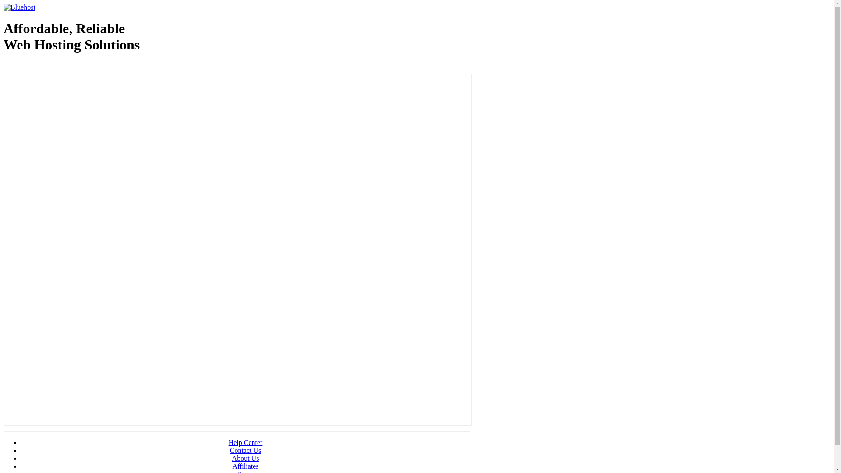 The width and height of the screenshot is (841, 473). I want to click on 'Contact Us', so click(230, 450).